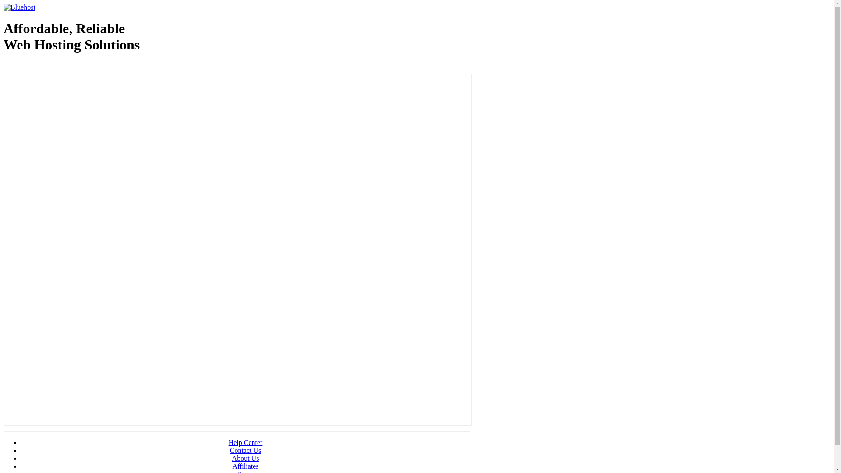 The width and height of the screenshot is (841, 473). I want to click on 'Contact Us', so click(230, 450).